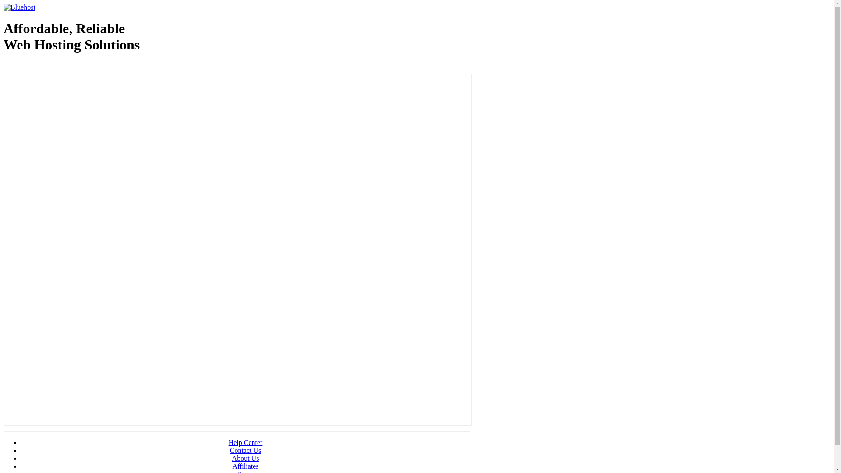 The width and height of the screenshot is (841, 473). I want to click on 'Contact Us', so click(230, 450).